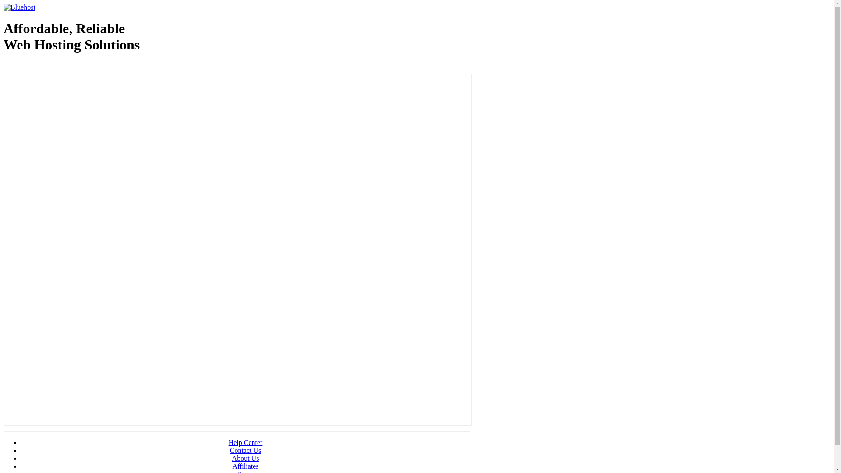 The width and height of the screenshot is (841, 473). I want to click on 'Contact Us', so click(230, 450).